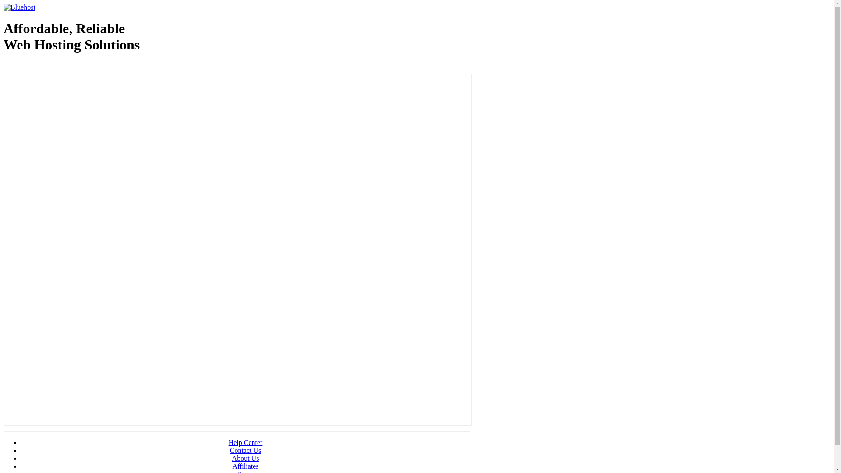 The width and height of the screenshot is (841, 473). I want to click on 'Contact Us', so click(230, 450).